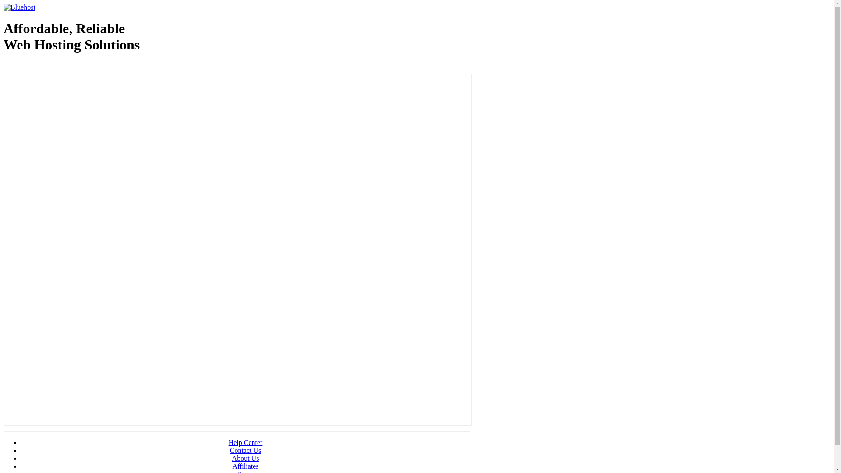 The width and height of the screenshot is (841, 473). I want to click on 'Contact Us', so click(230, 450).